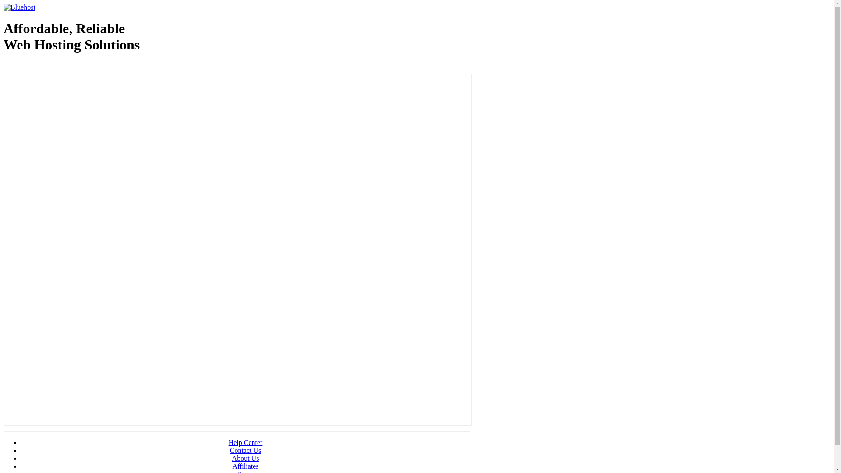 The width and height of the screenshot is (841, 473). I want to click on 'Contact Us', so click(230, 450).